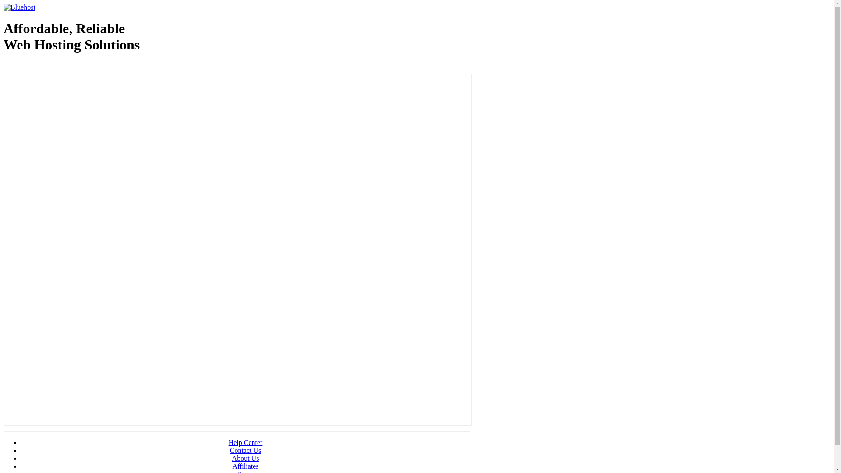 The width and height of the screenshot is (841, 473). I want to click on 'Contact Us', so click(230, 450).